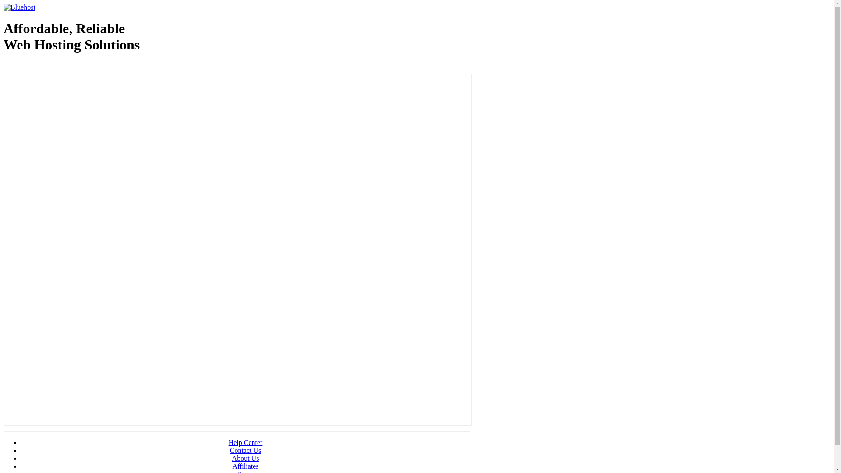 The width and height of the screenshot is (841, 473). I want to click on 'Contact Us', so click(230, 450).